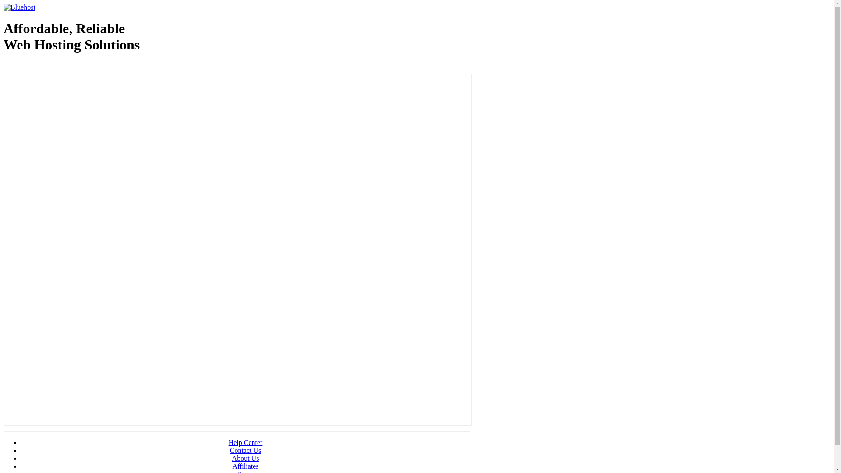 The width and height of the screenshot is (841, 473). I want to click on 'Contact Us', so click(230, 450).